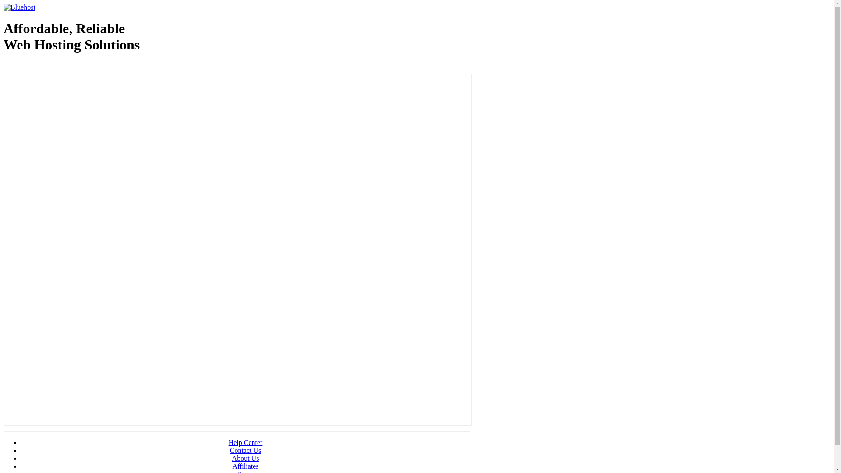 The width and height of the screenshot is (841, 473). I want to click on 'Contact Us', so click(230, 450).